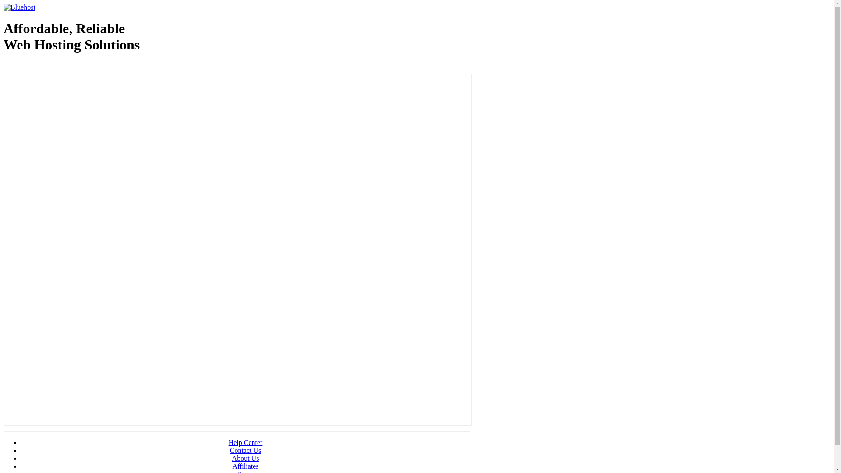 The width and height of the screenshot is (841, 473). I want to click on 'Contact Us', so click(230, 450).